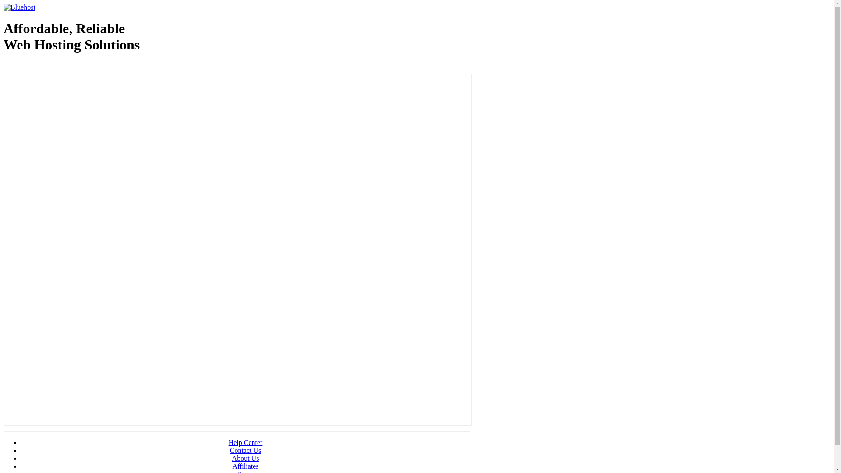 The width and height of the screenshot is (841, 473). I want to click on 'Contact Us', so click(230, 450).